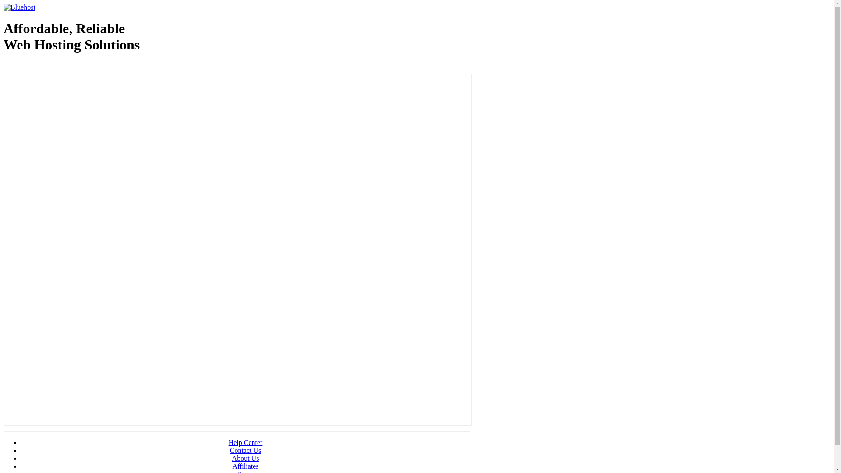 The width and height of the screenshot is (841, 473). I want to click on 'Contact Us', so click(230, 450).